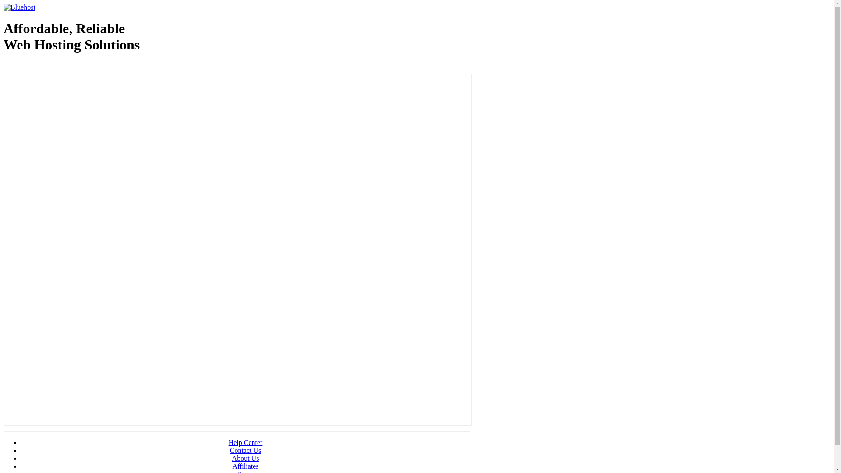 The width and height of the screenshot is (841, 473). I want to click on 'Contact Us', so click(230, 450).